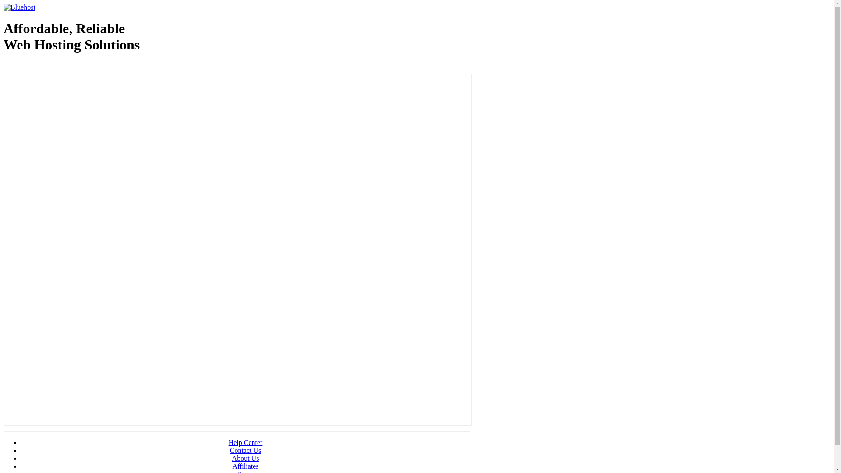 The width and height of the screenshot is (841, 473). I want to click on 'Contact Us', so click(230, 450).